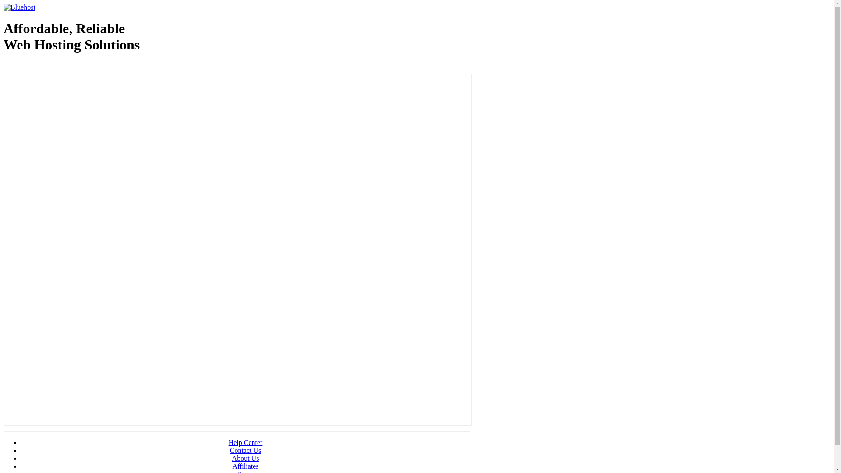 The width and height of the screenshot is (841, 473). I want to click on 'Contact Us', so click(230, 450).